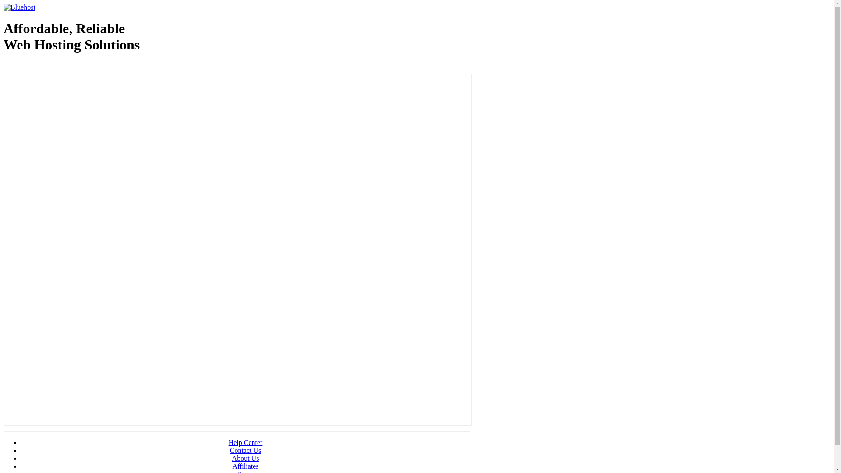 The width and height of the screenshot is (841, 473). I want to click on 'Contact Us', so click(230, 450).